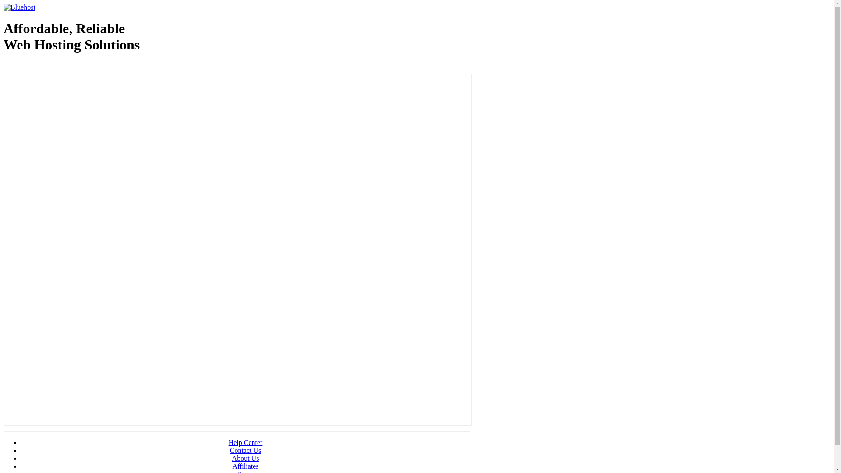 The width and height of the screenshot is (841, 473). I want to click on 'Contact Us', so click(230, 450).